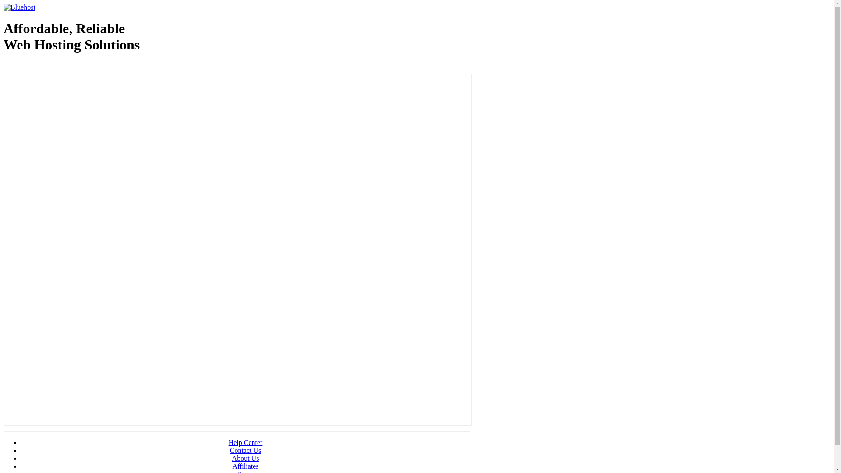 The width and height of the screenshot is (841, 473). I want to click on 'Contact Us', so click(230, 450).